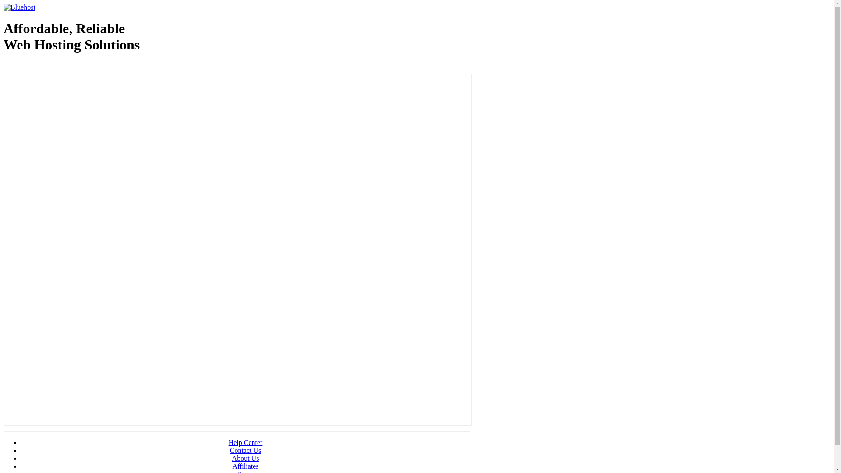 The width and height of the screenshot is (841, 473). I want to click on 'Contact Us', so click(230, 450).